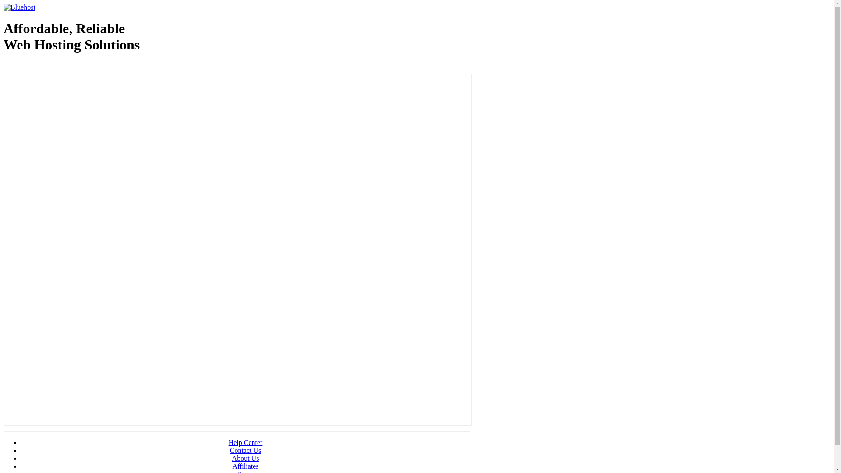 The width and height of the screenshot is (841, 473). I want to click on 'Contact Us', so click(230, 450).